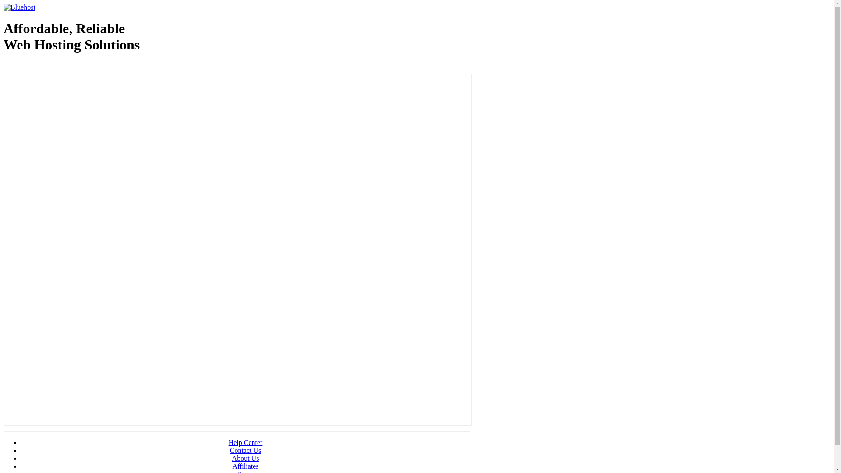 The width and height of the screenshot is (841, 473). I want to click on 'Contact Us', so click(230, 450).